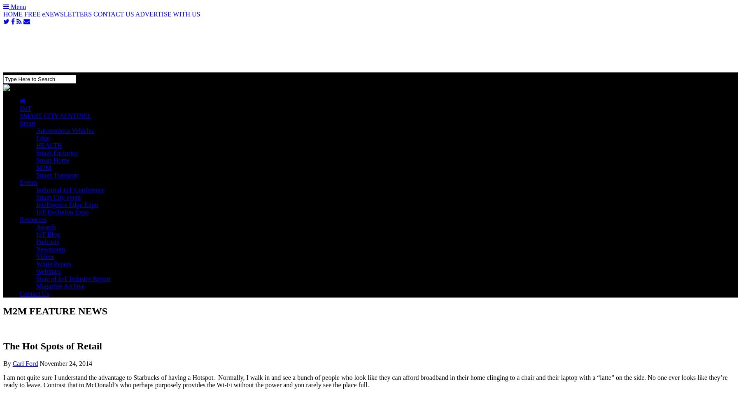 The image size is (741, 414). I want to click on 'November 24, 2014', so click(65, 363).